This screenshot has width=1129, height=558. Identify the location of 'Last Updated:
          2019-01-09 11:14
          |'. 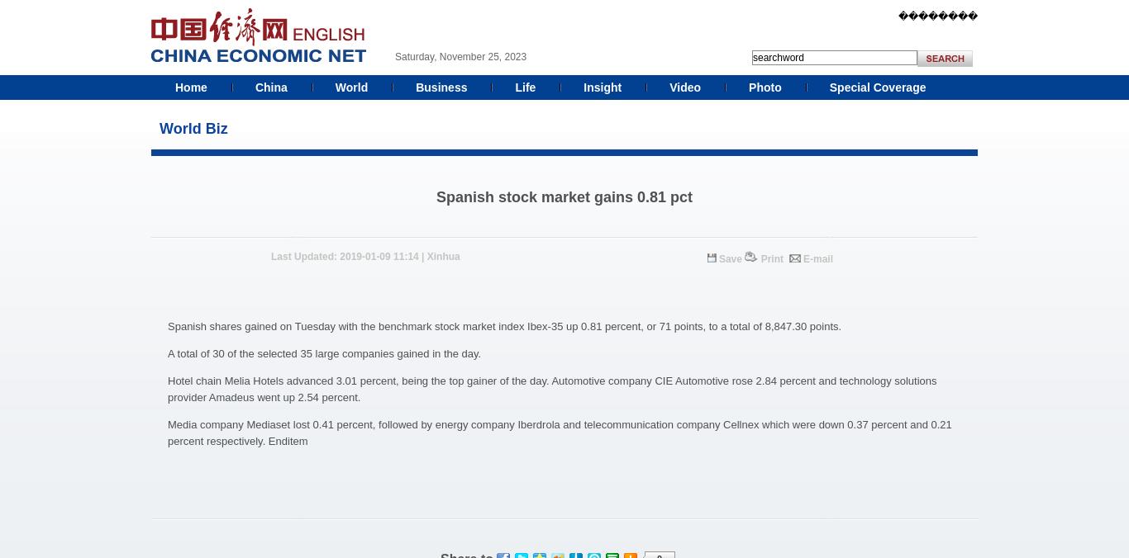
(347, 257).